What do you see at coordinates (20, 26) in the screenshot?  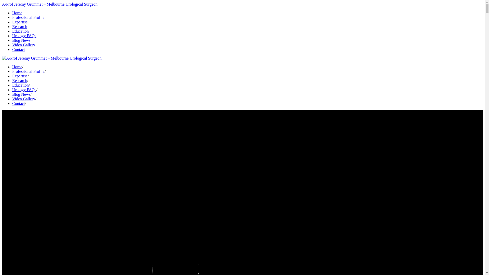 I see `'Research'` at bounding box center [20, 26].